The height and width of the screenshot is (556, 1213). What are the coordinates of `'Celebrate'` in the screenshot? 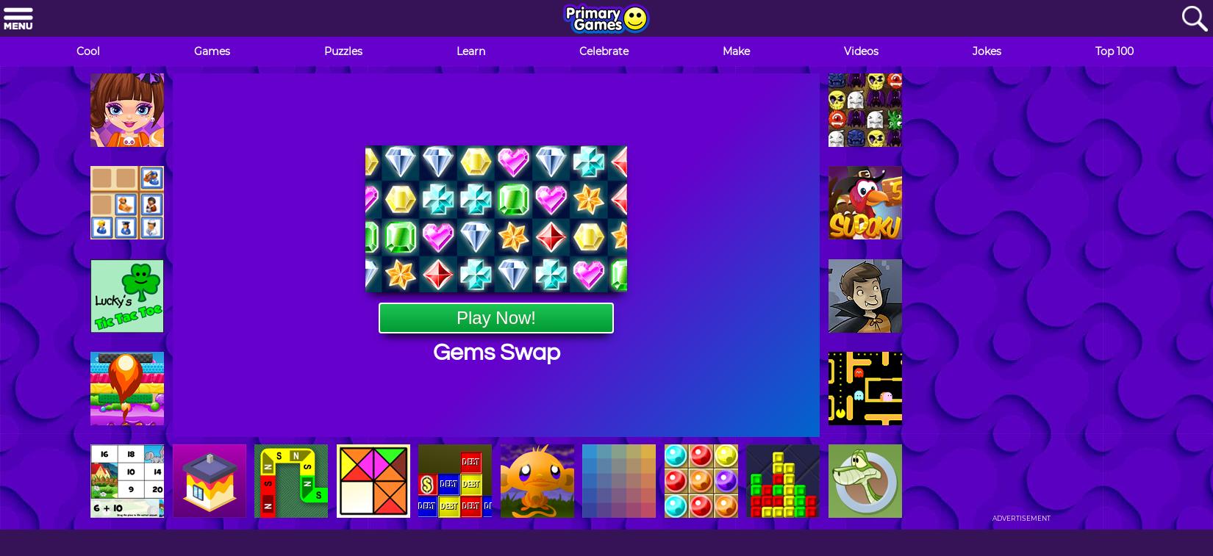 It's located at (603, 51).